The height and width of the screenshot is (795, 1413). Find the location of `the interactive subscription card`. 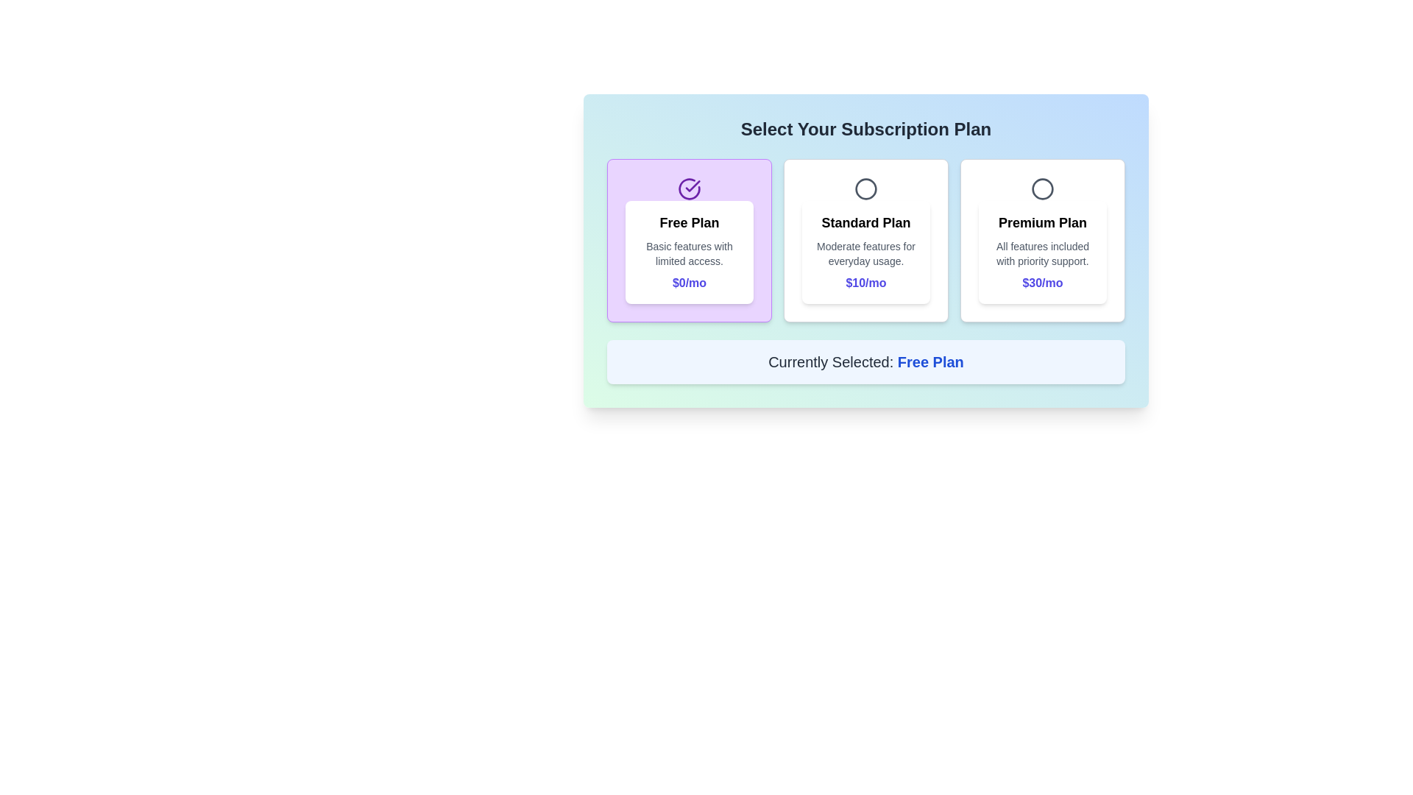

the interactive subscription card is located at coordinates (865, 250).